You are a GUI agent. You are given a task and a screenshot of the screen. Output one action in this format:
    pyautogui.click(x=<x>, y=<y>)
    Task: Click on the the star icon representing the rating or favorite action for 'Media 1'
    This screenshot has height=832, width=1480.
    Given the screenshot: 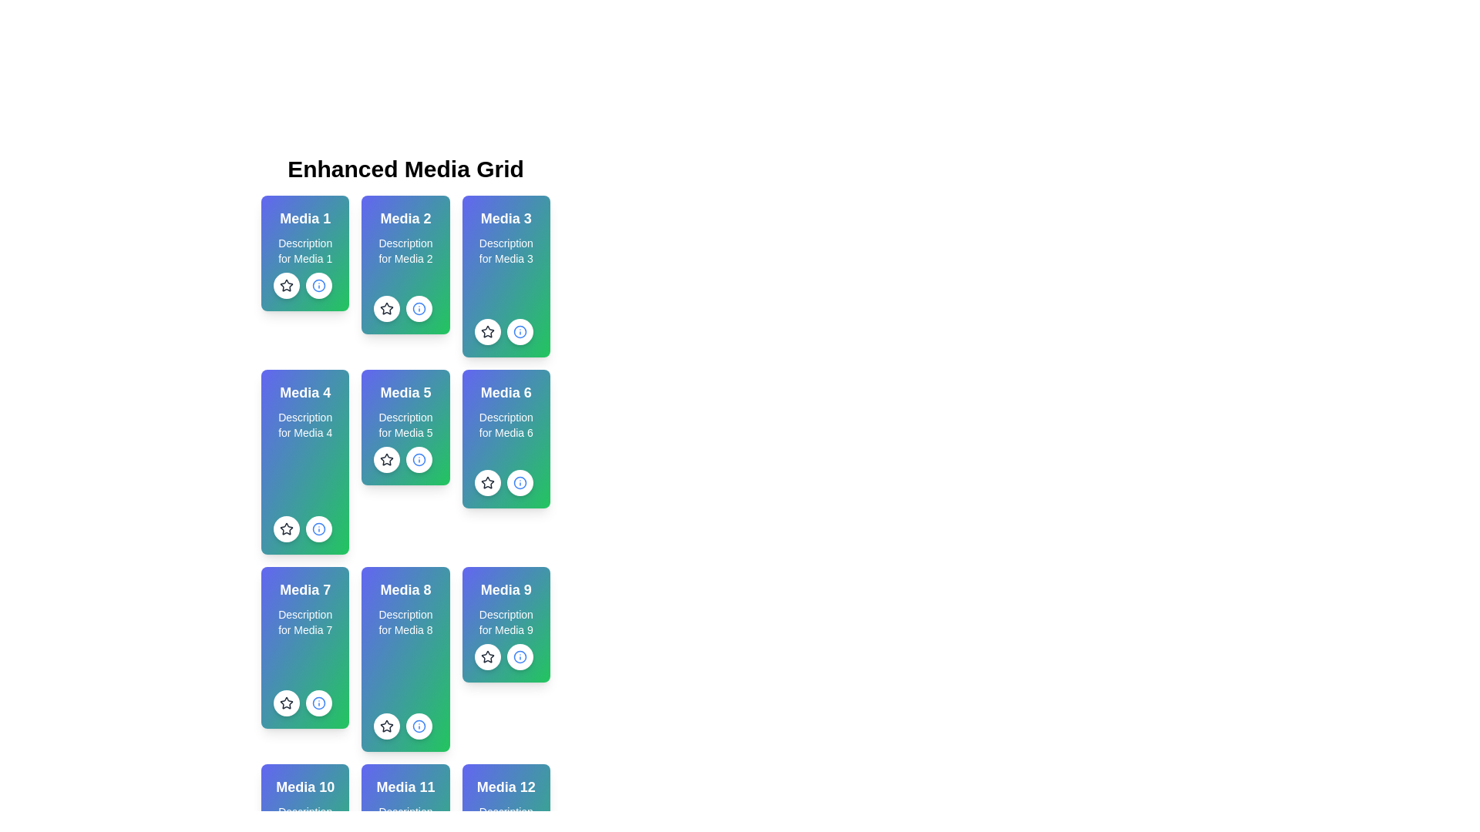 What is the action you would take?
    pyautogui.click(x=287, y=285)
    